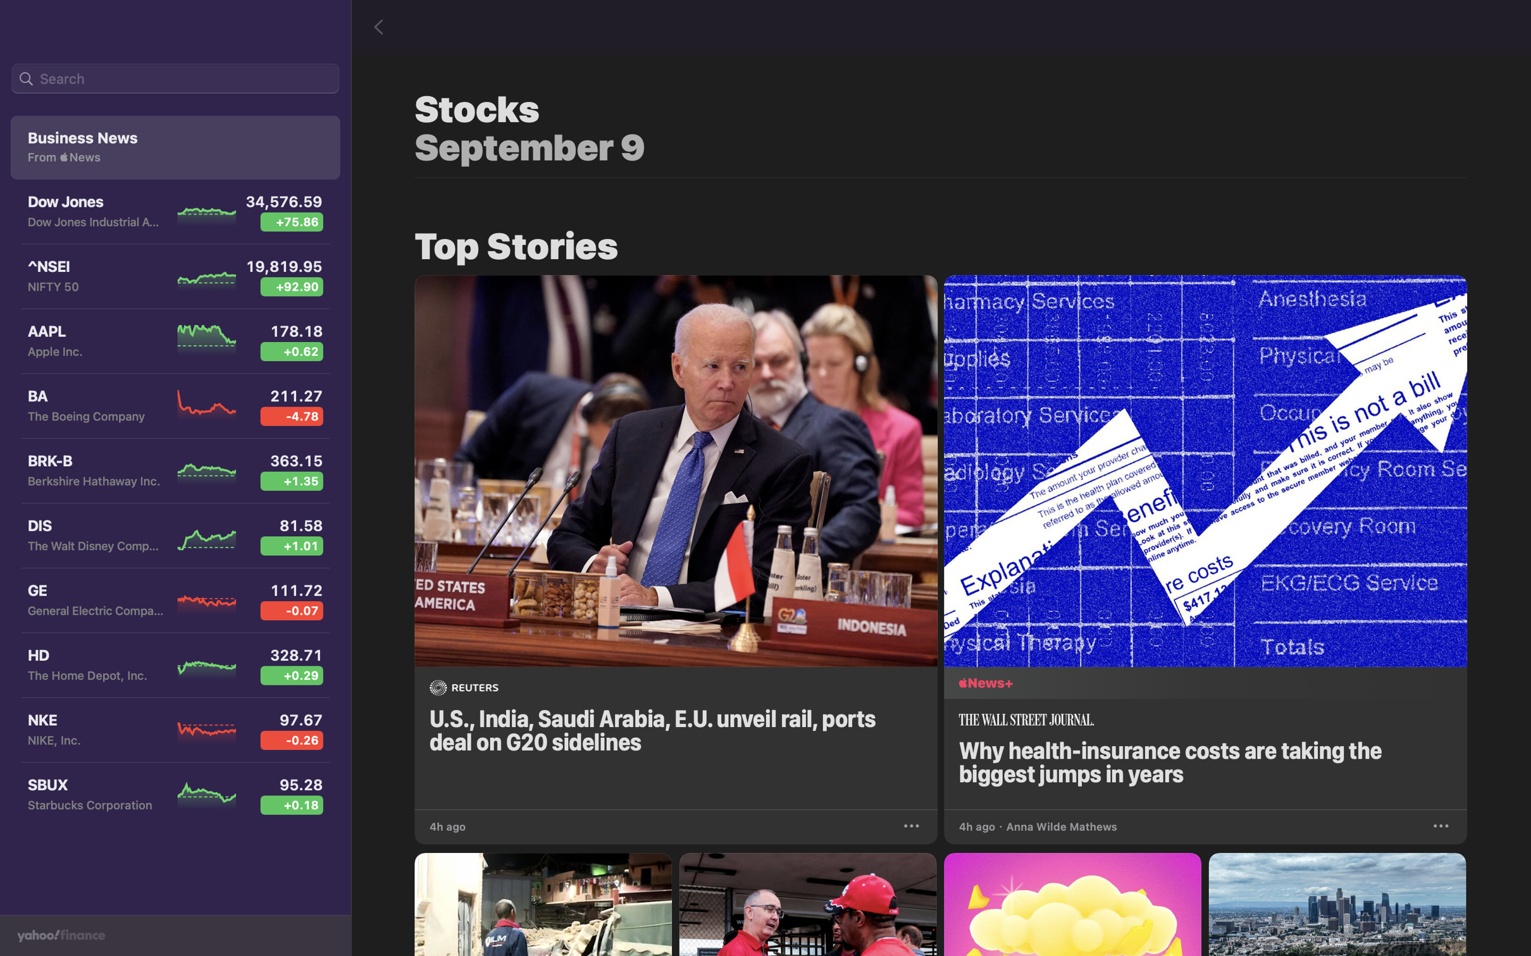 The image size is (1531, 956). I want to click on Activate the G20 news visible on your screen, so click(676, 538).